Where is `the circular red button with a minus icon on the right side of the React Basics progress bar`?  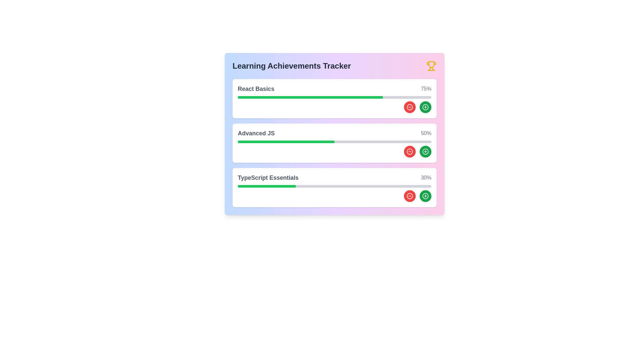 the circular red button with a minus icon on the right side of the React Basics progress bar is located at coordinates (409, 107).